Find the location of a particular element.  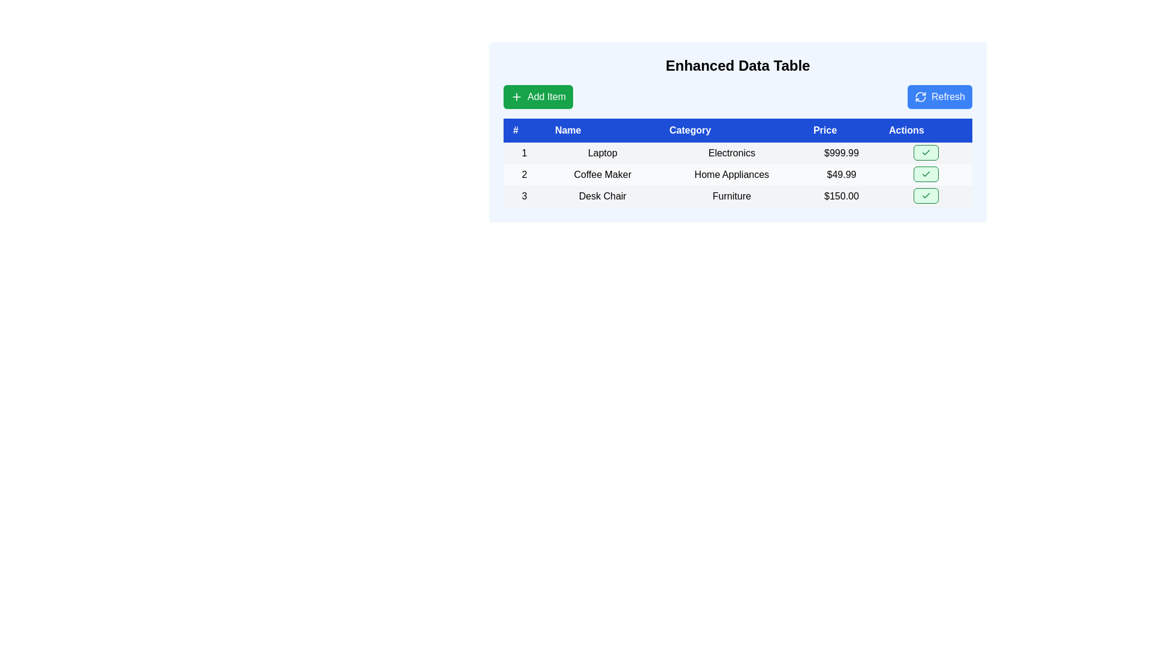

the decorative icon that complements the 'Add Item' button is located at coordinates (517, 96).